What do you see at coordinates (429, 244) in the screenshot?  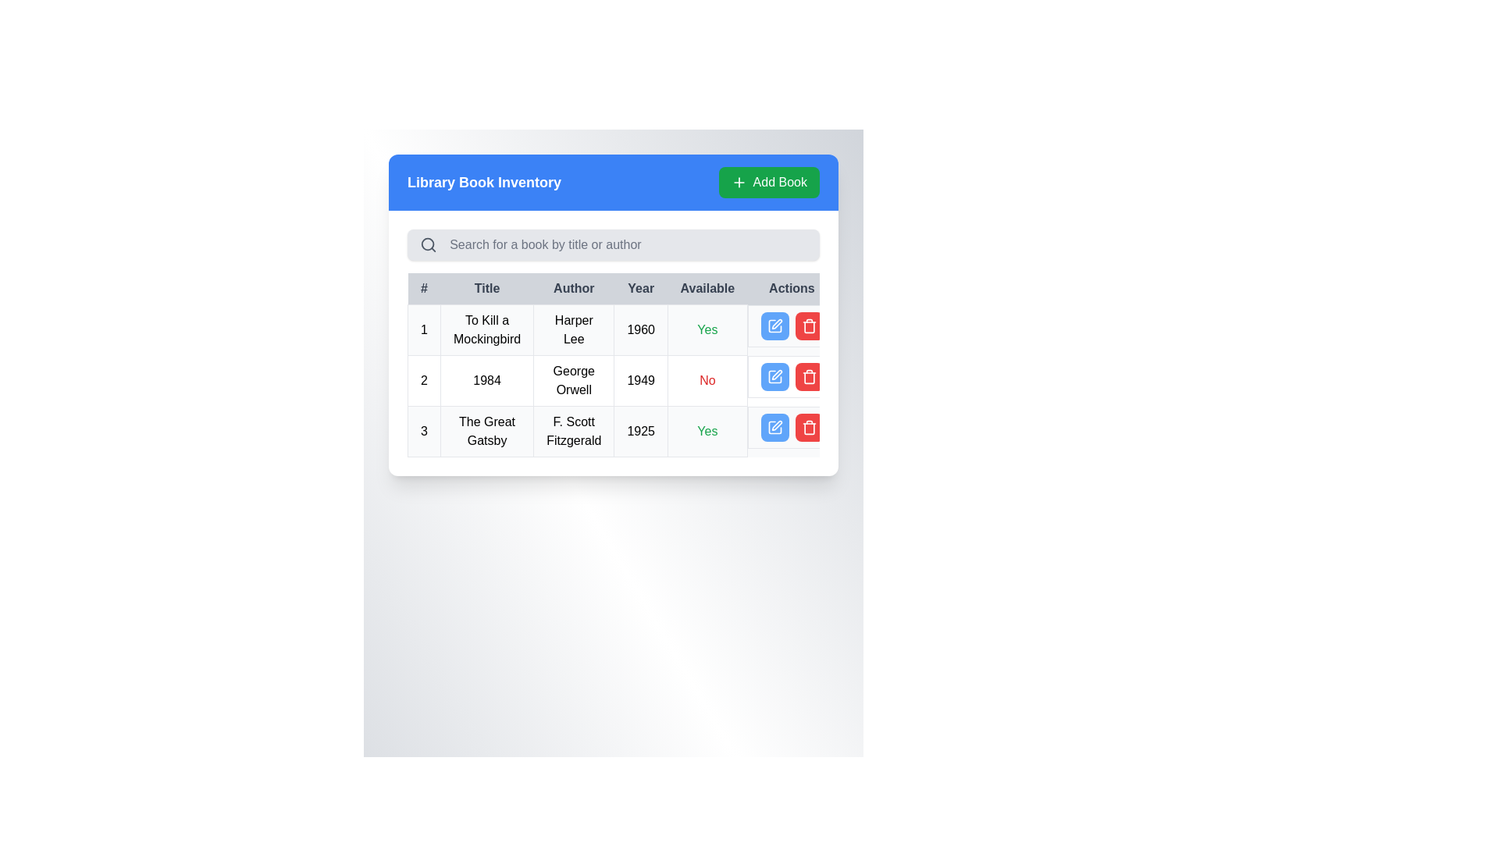 I see `the magnifying glass icon located at the leftmost side of the search bar, which represents search functionality` at bounding box center [429, 244].